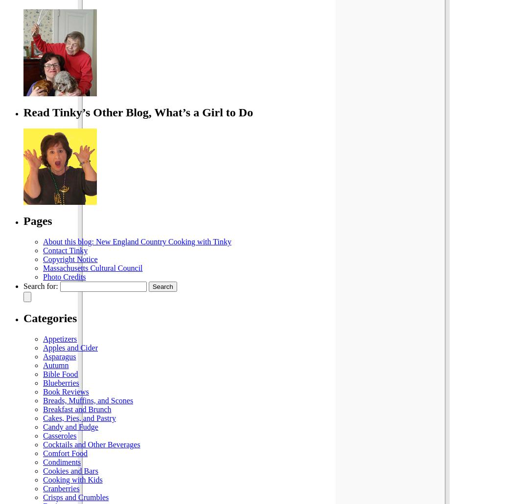 The height and width of the screenshot is (504, 527). I want to click on 'Comfort Food', so click(65, 453).